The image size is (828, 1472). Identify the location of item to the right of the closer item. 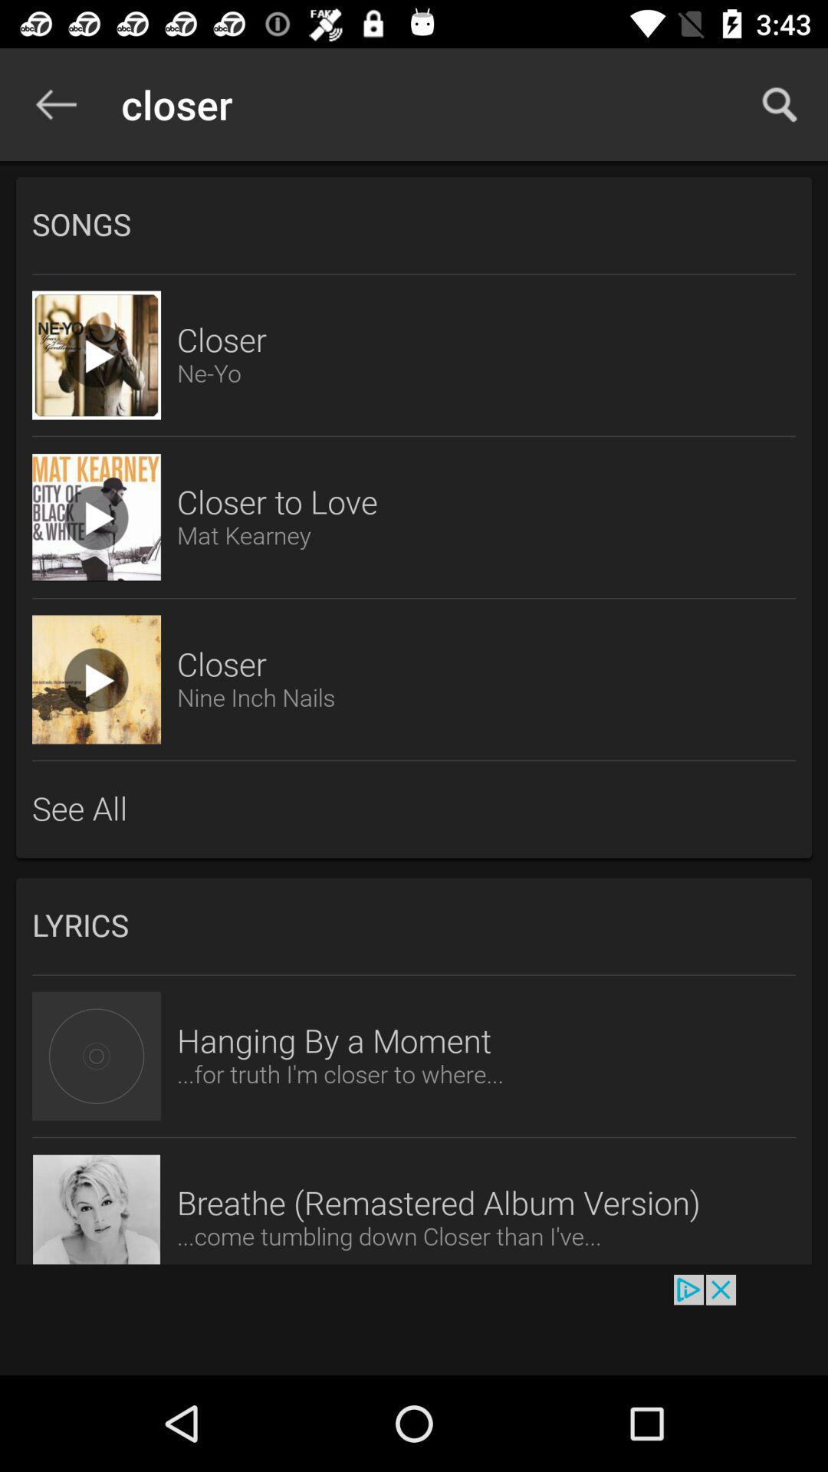
(780, 103).